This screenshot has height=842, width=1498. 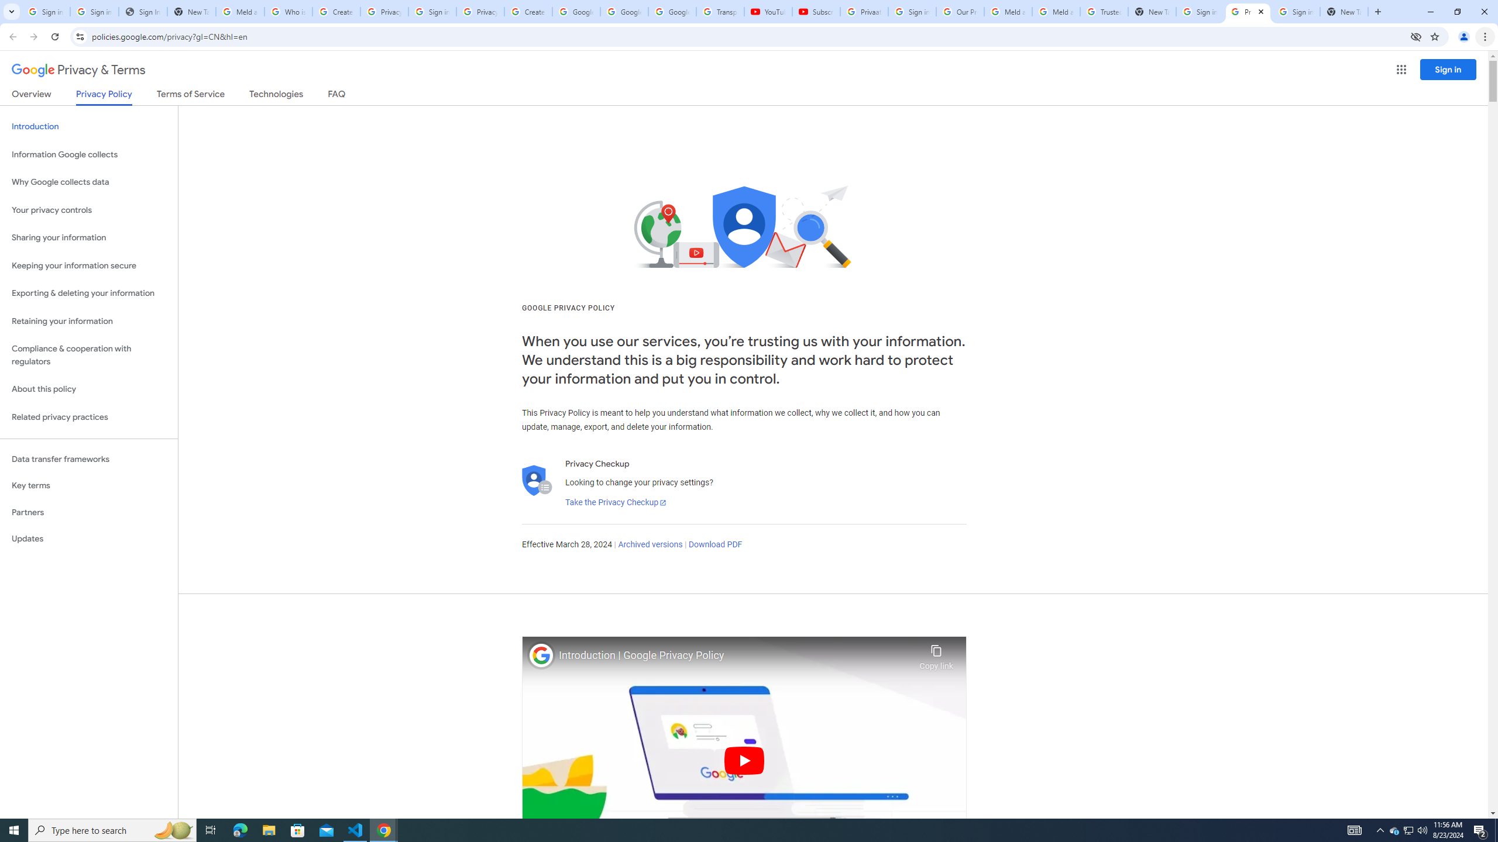 What do you see at coordinates (88, 416) in the screenshot?
I see `'Related privacy practices'` at bounding box center [88, 416].